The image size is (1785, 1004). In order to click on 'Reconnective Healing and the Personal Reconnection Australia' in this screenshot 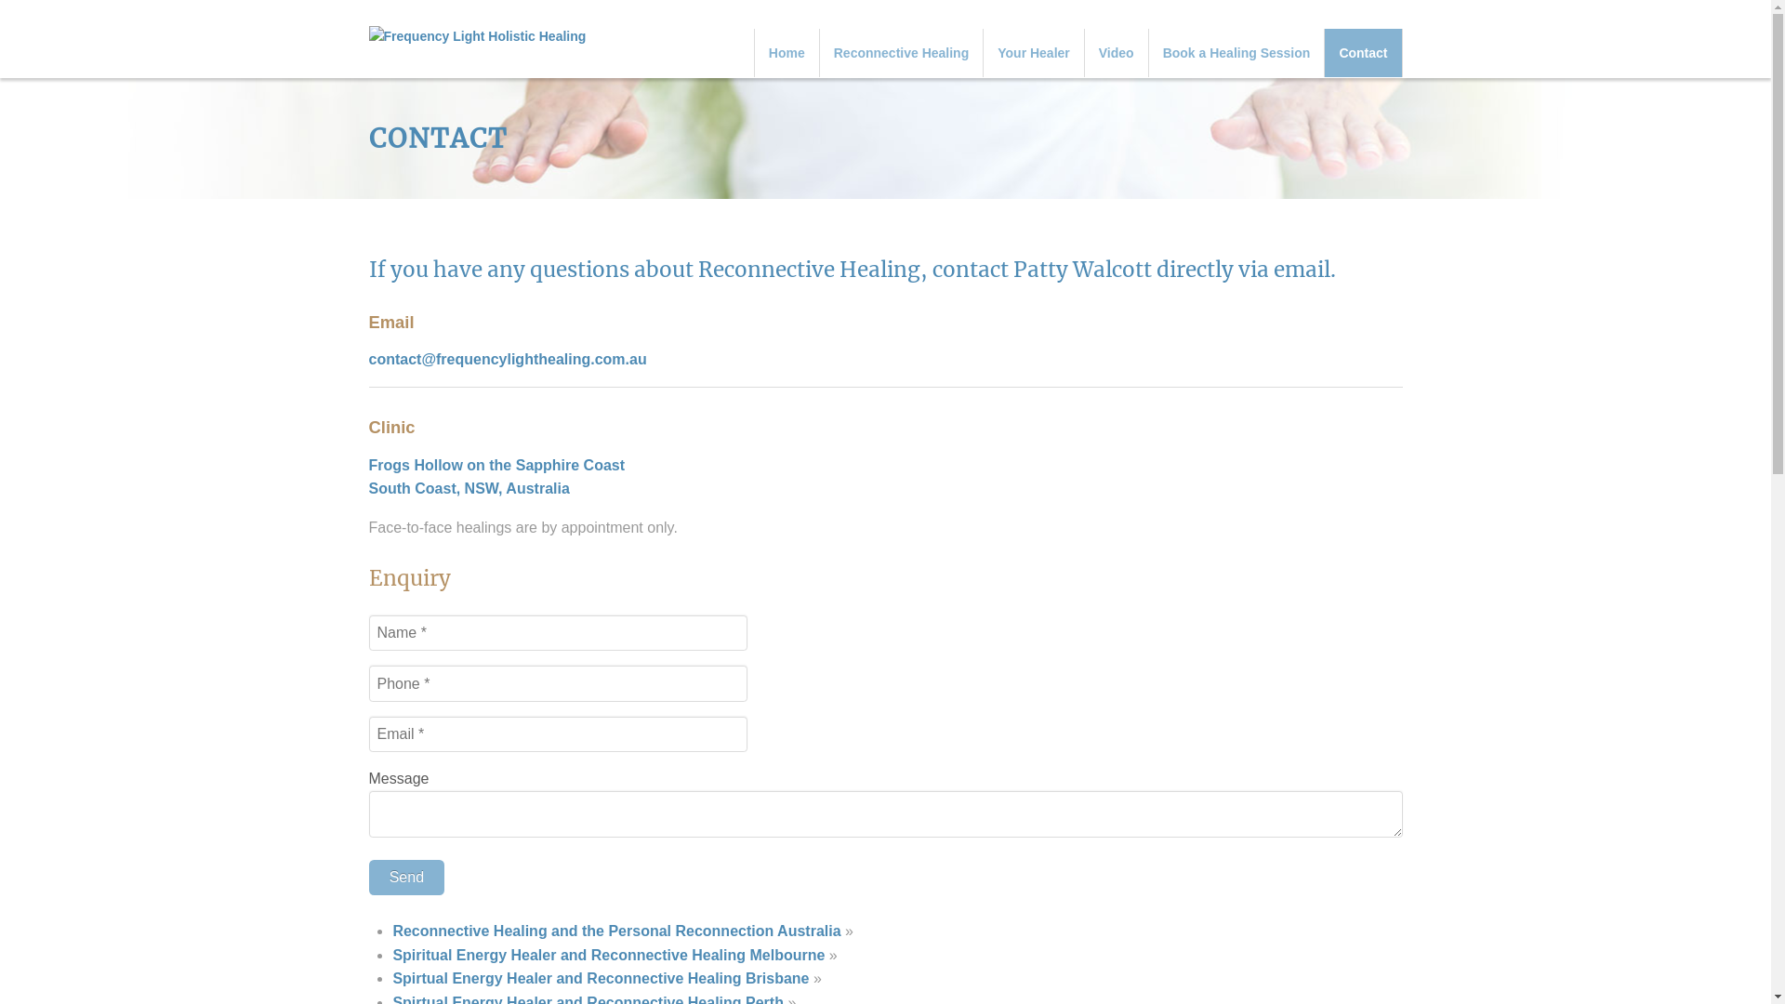, I will do `click(615, 931)`.